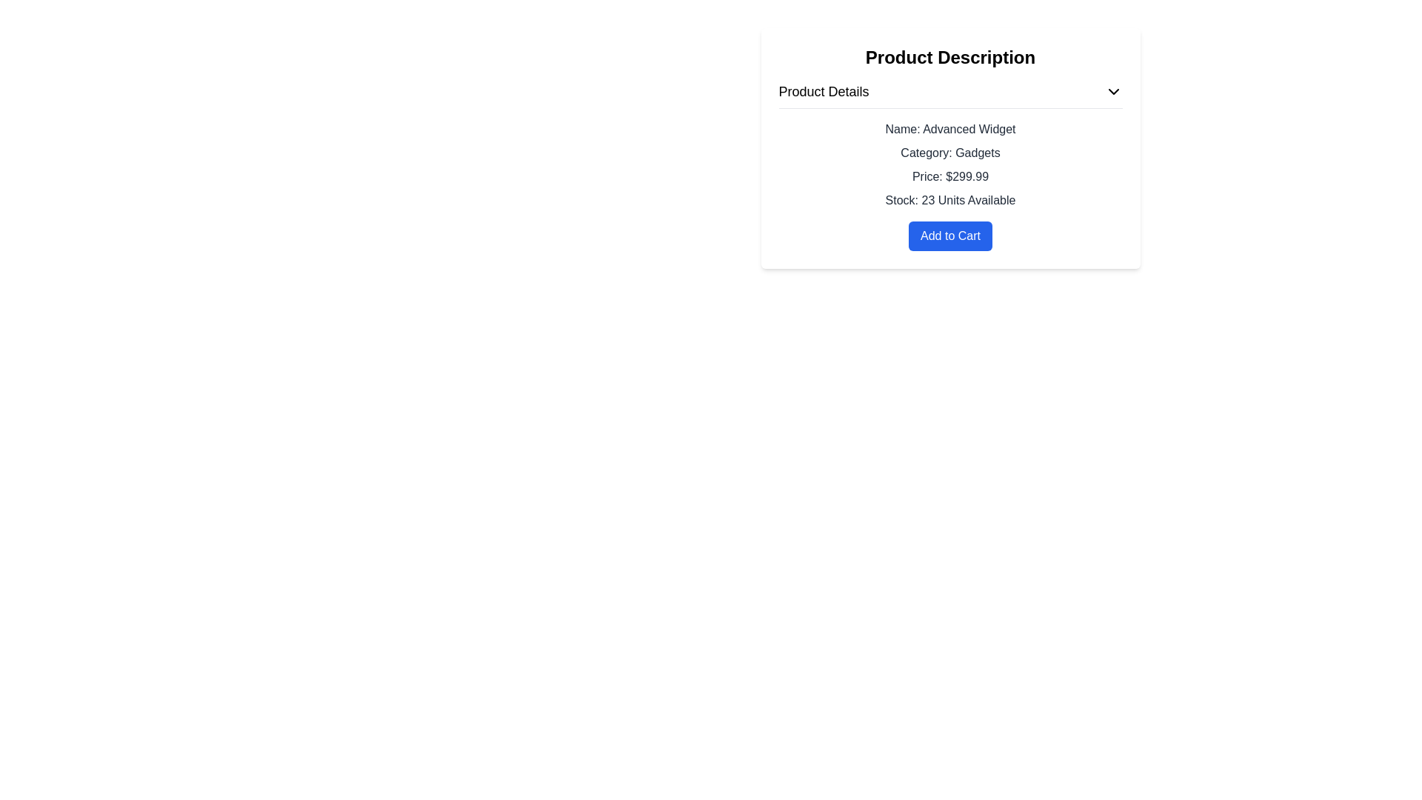 The height and width of the screenshot is (800, 1422). I want to click on static text label displaying the name of the product located at the top of the 'Product Details' section, so click(950, 128).